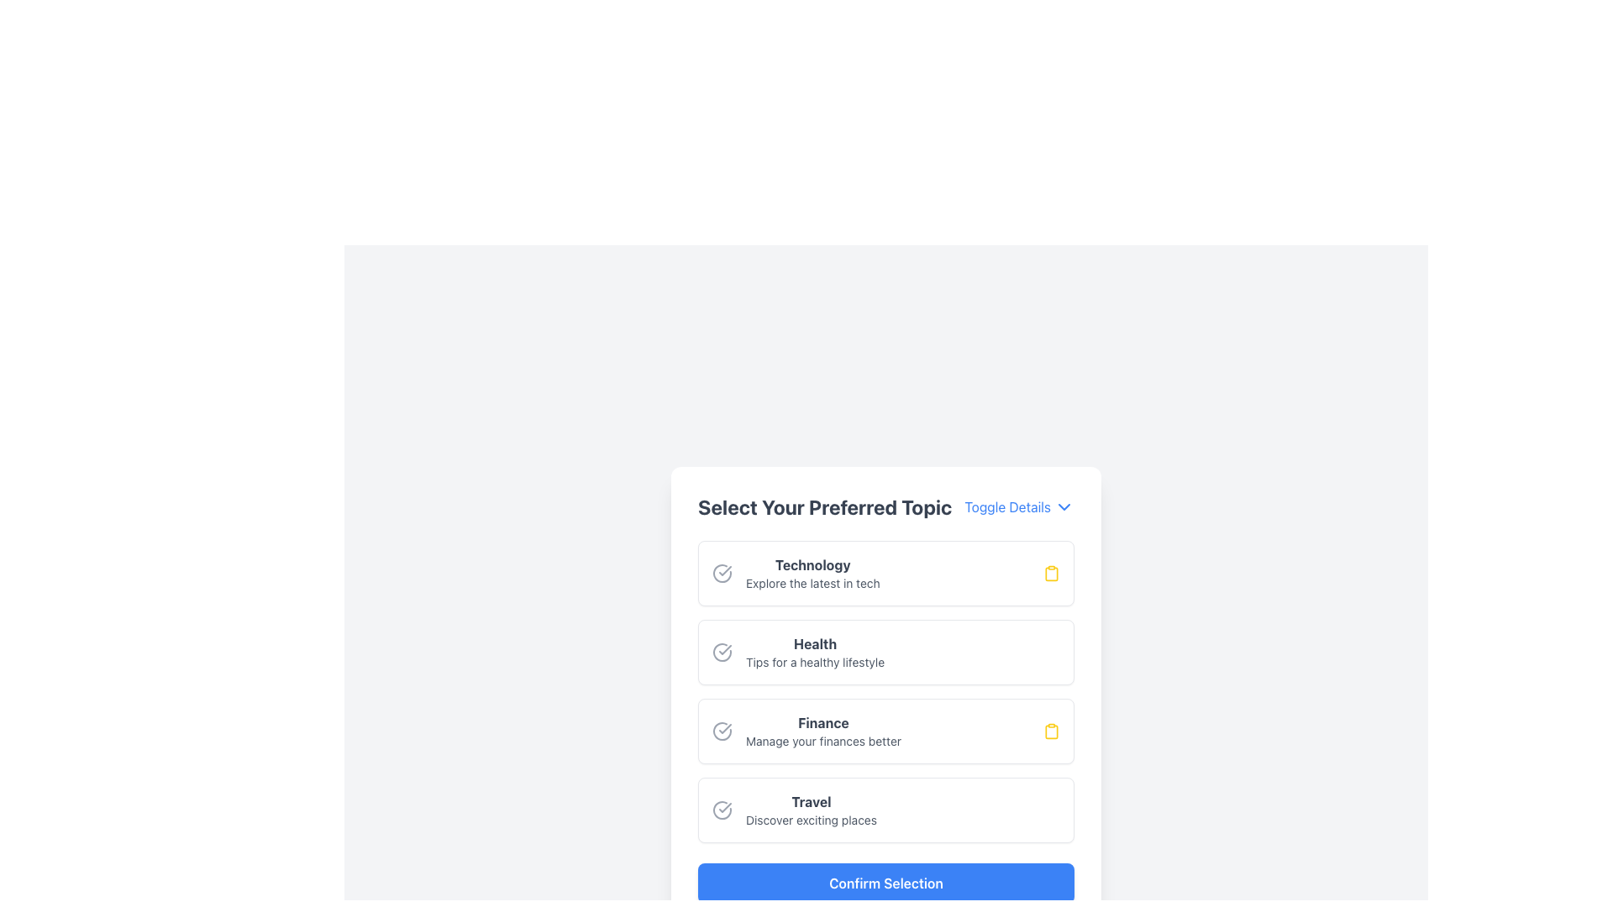 The width and height of the screenshot is (1613, 907). What do you see at coordinates (806, 731) in the screenshot?
I see `the third selectable list item for financial management topics under 'Select Your Preferred Topic'` at bounding box center [806, 731].